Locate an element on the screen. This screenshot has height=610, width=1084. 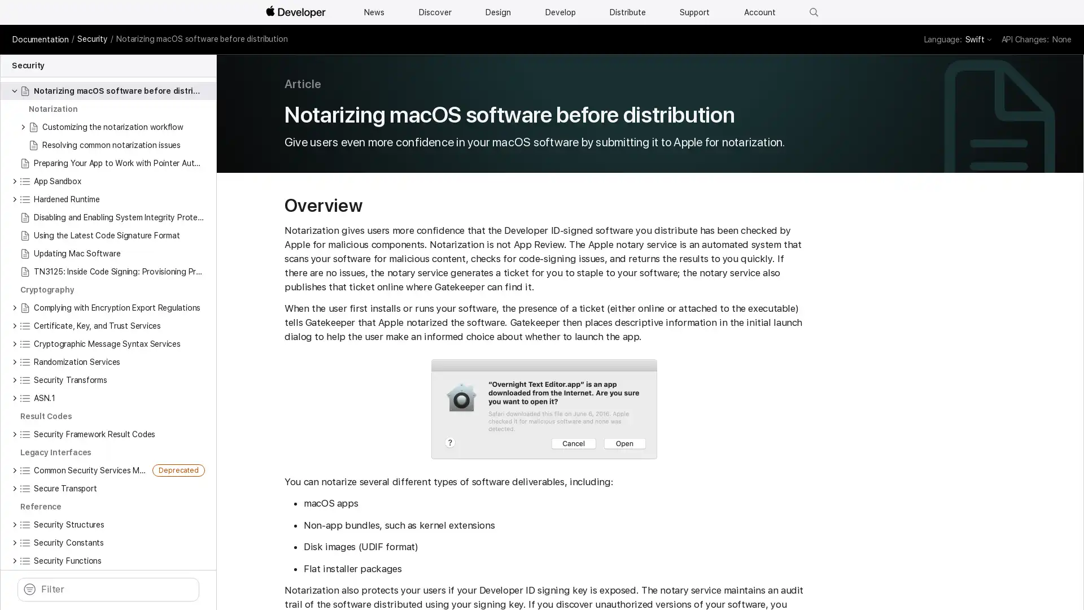
ASN.1 is located at coordinates (13, 404).